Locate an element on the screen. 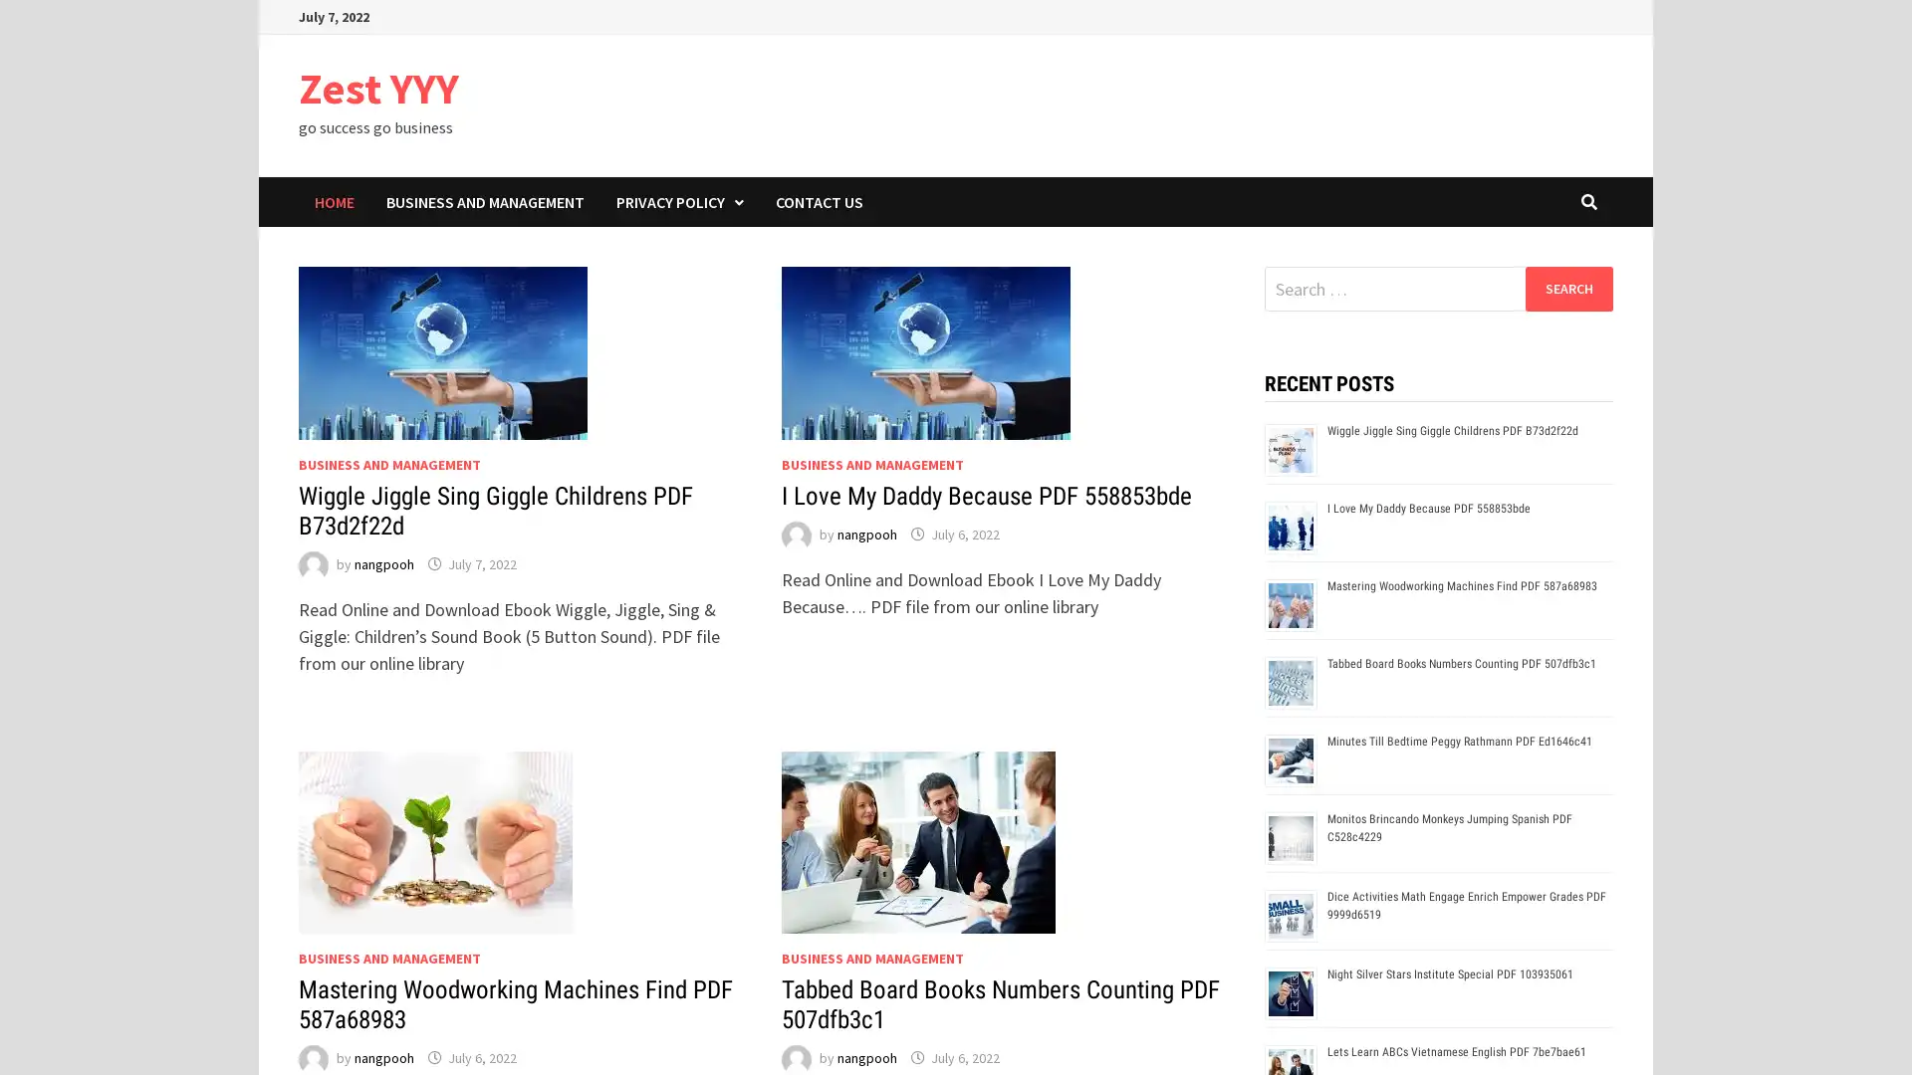 The height and width of the screenshot is (1075, 1912). Search is located at coordinates (1567, 288).